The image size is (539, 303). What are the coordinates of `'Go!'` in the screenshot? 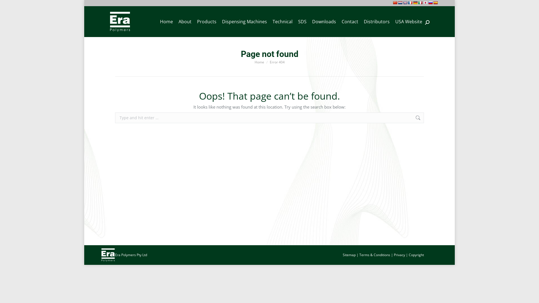 It's located at (432, 118).